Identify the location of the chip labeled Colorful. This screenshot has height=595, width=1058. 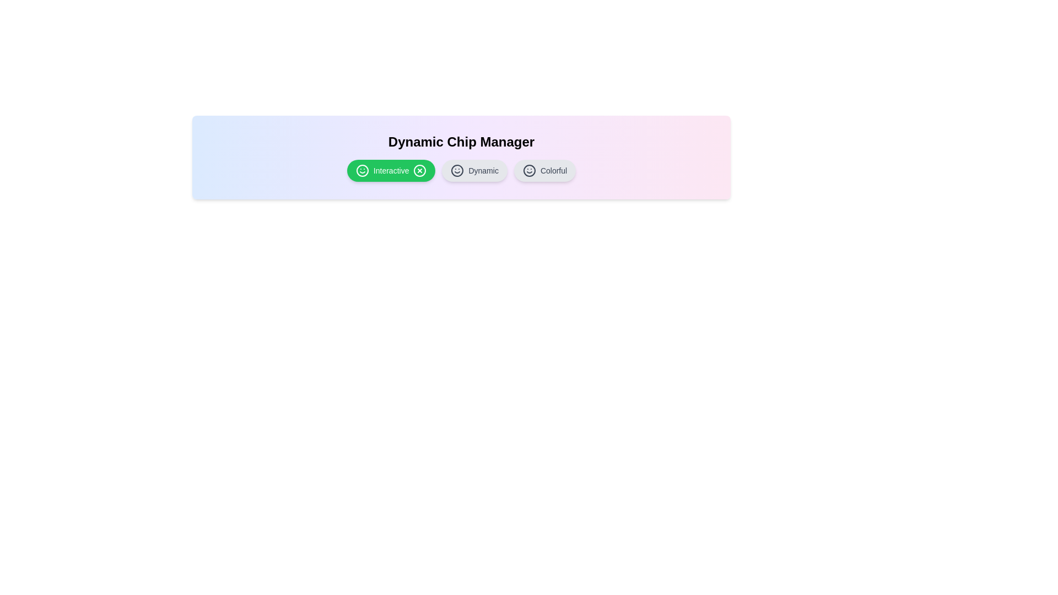
(544, 170).